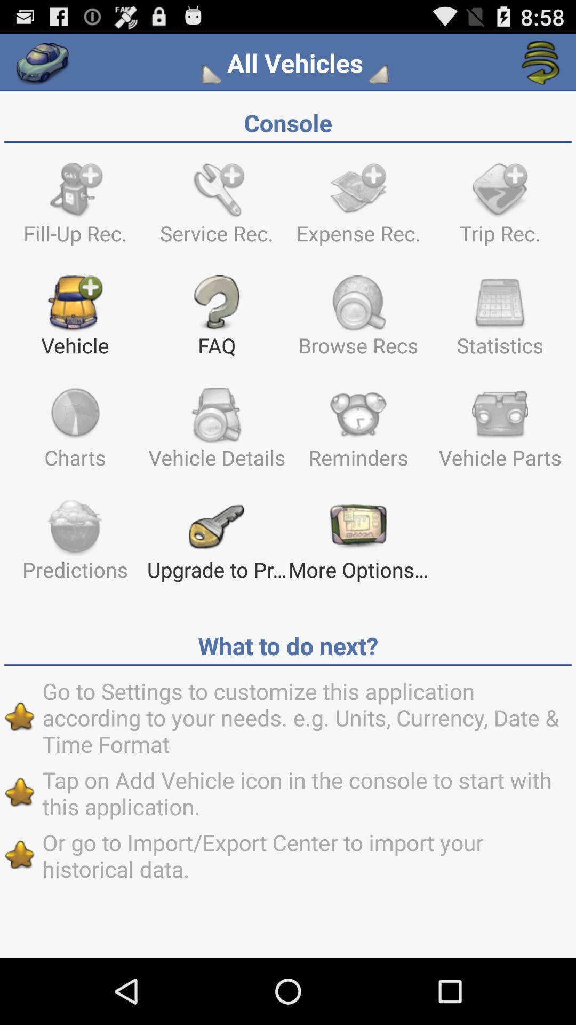  What do you see at coordinates (213, 73) in the screenshot?
I see `edit filters` at bounding box center [213, 73].